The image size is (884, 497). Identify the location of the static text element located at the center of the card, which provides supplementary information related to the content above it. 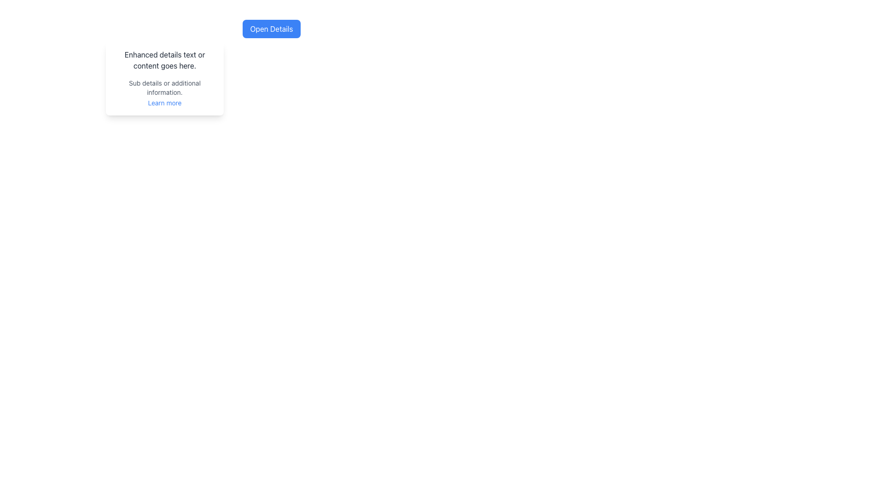
(165, 88).